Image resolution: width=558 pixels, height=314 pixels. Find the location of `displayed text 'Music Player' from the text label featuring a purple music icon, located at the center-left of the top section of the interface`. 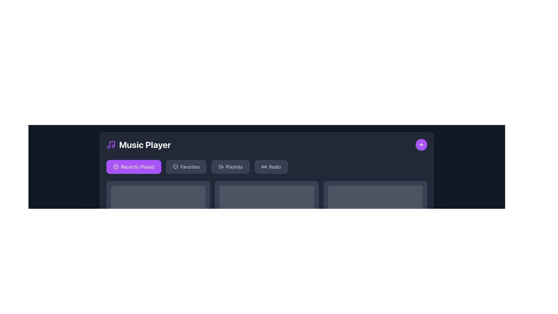

displayed text 'Music Player' from the text label featuring a purple music icon, located at the center-left of the top section of the interface is located at coordinates (138, 144).